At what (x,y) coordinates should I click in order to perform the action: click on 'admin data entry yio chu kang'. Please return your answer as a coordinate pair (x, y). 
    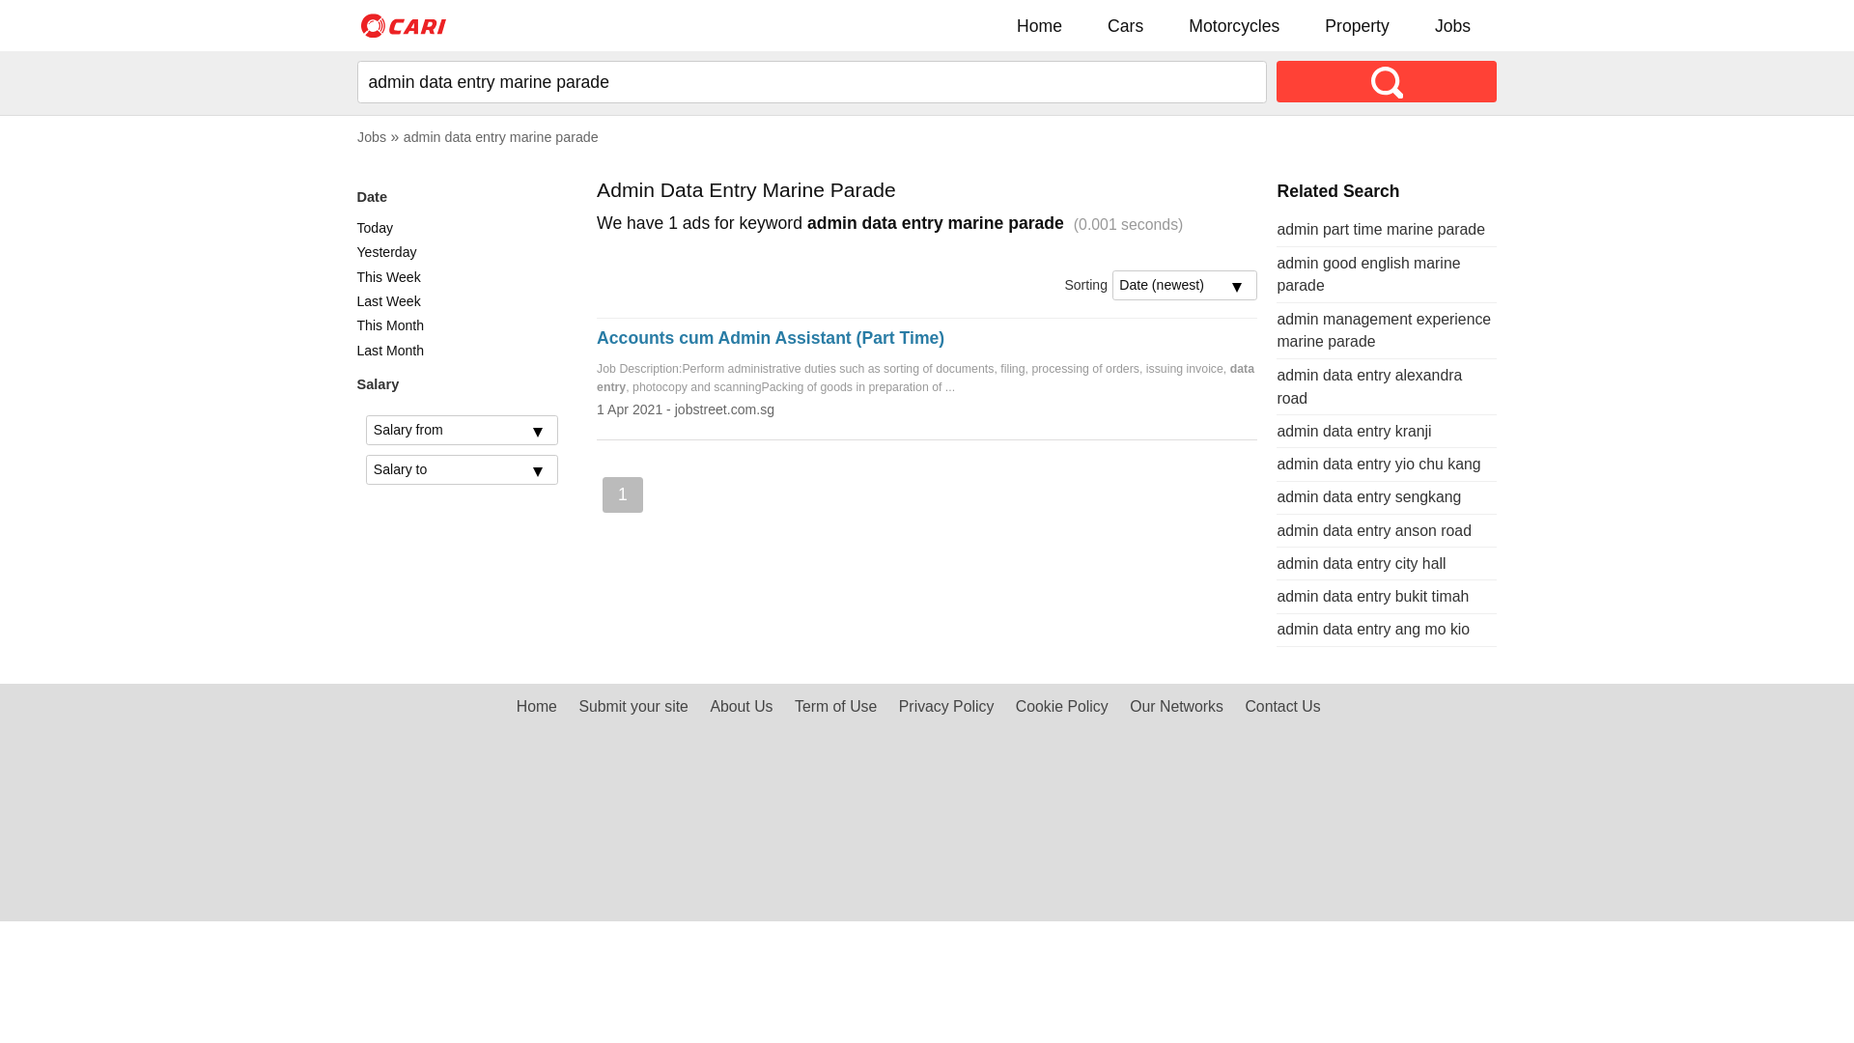
    Looking at the image, I should click on (1377, 464).